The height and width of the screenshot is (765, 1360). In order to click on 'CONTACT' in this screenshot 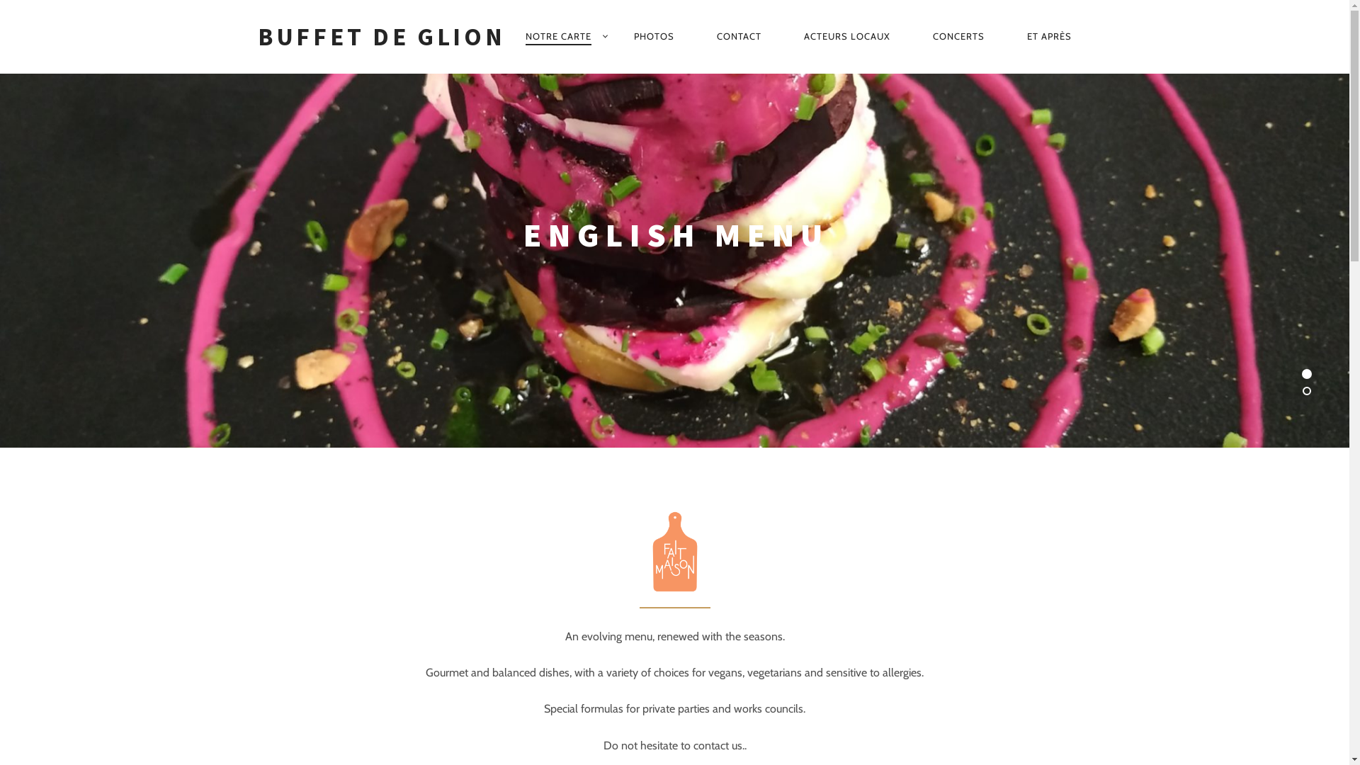, I will do `click(738, 35)`.